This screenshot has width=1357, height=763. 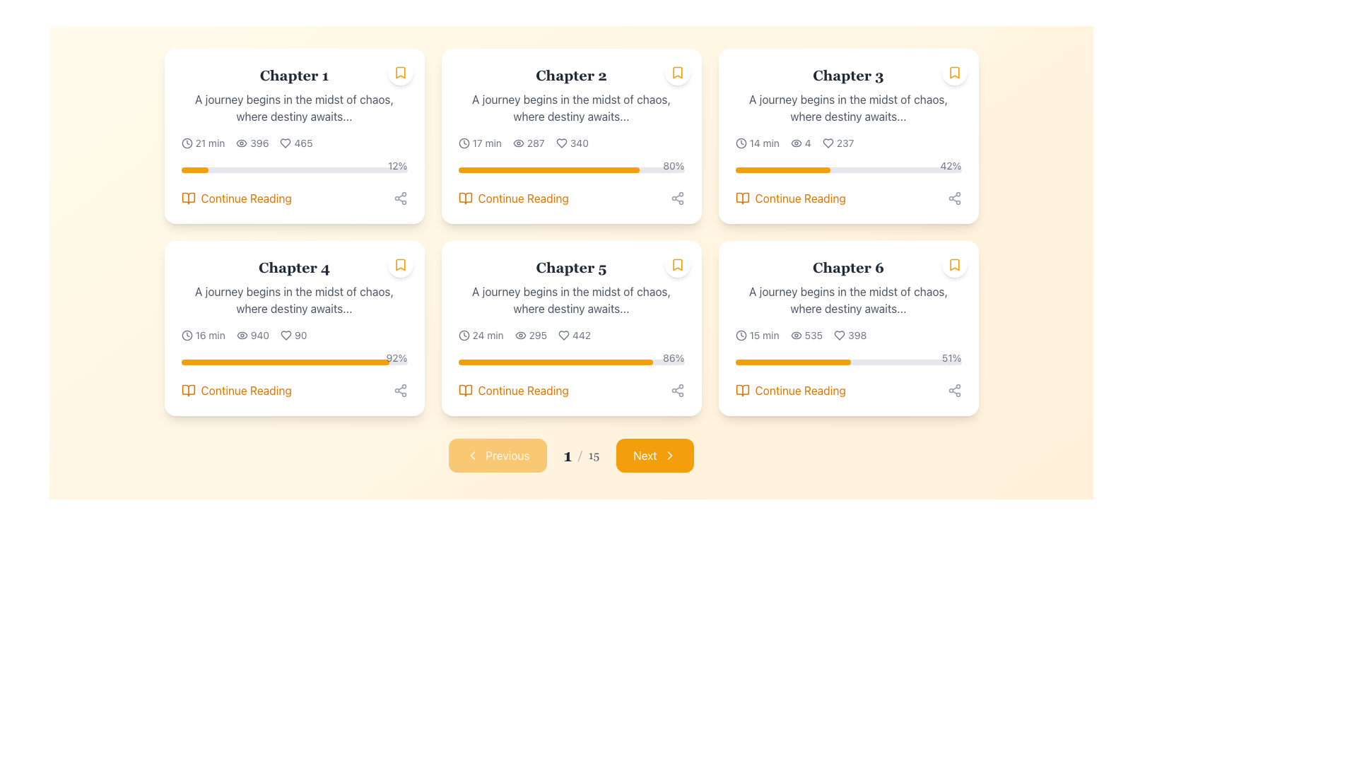 What do you see at coordinates (186, 143) in the screenshot?
I see `the clock-like icon located on the leftmost side of the row displaying '21 min', just before the text` at bounding box center [186, 143].